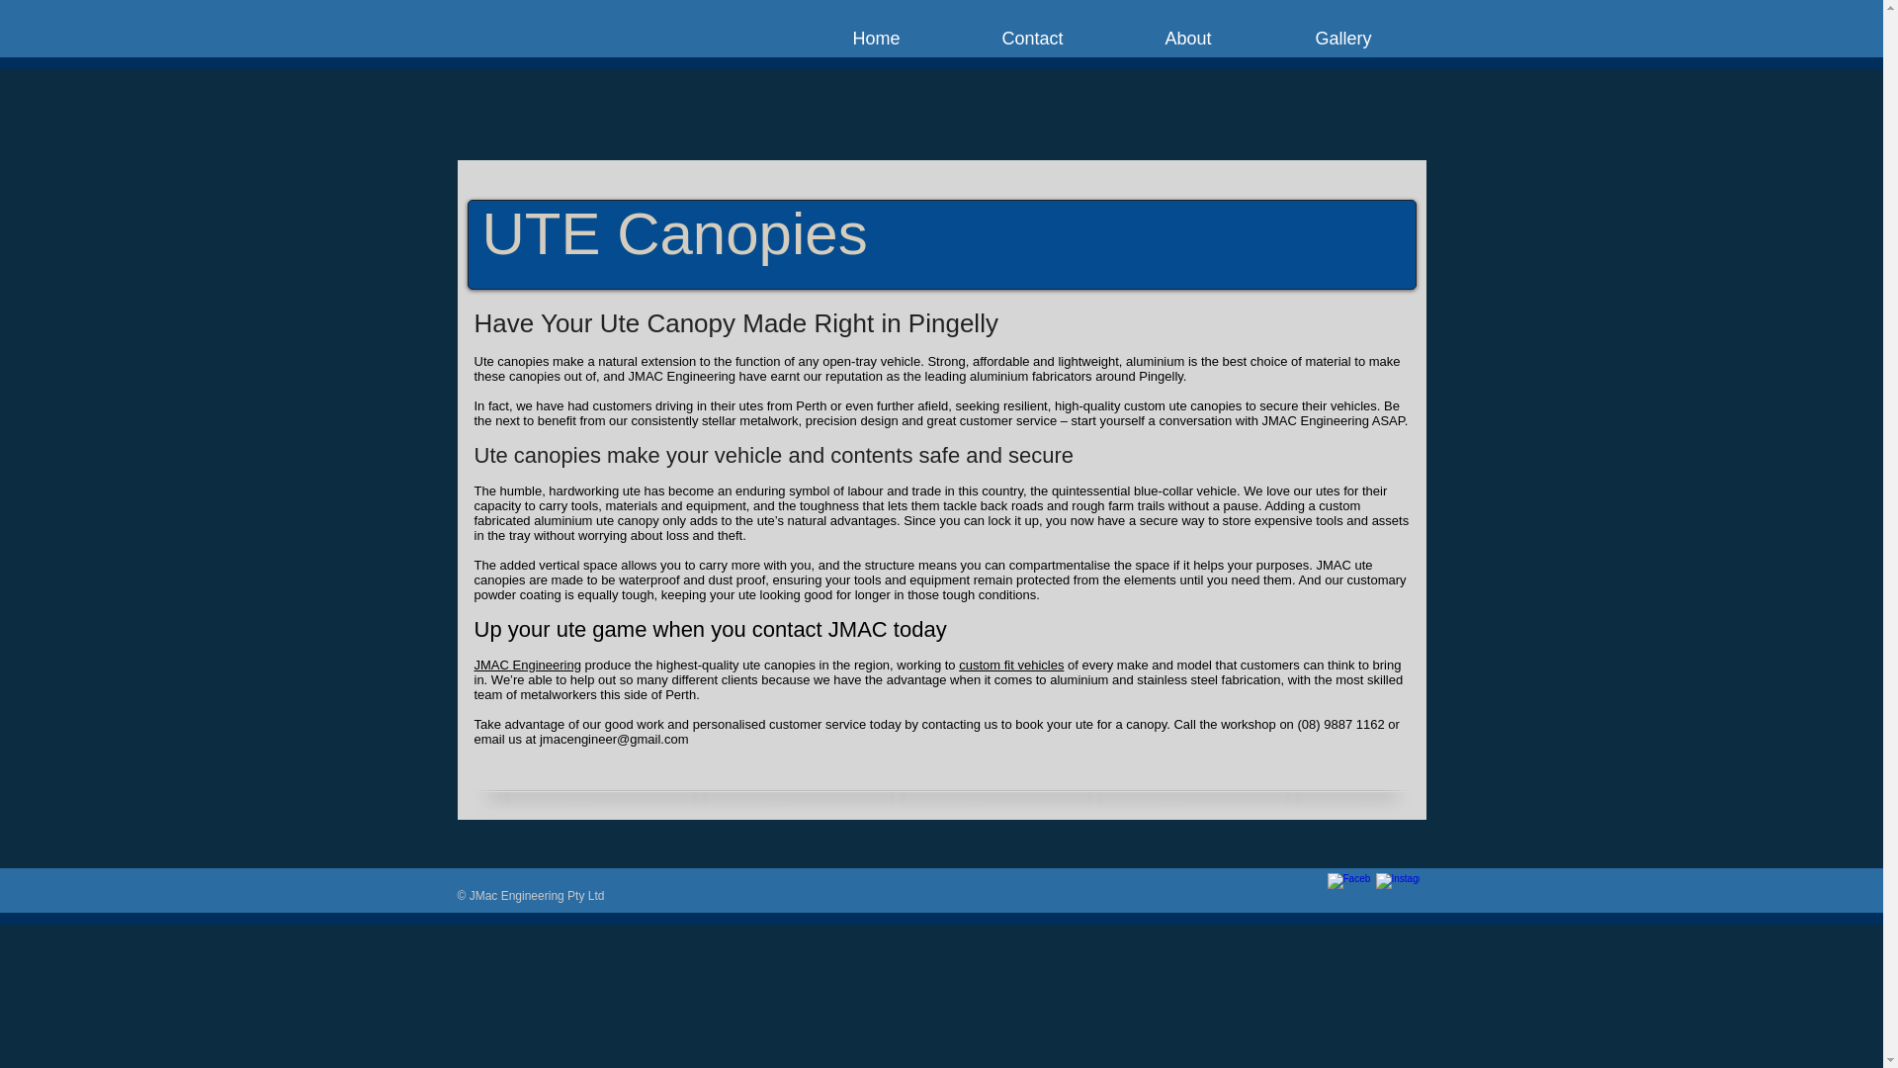  What do you see at coordinates (876, 38) in the screenshot?
I see `'Home'` at bounding box center [876, 38].